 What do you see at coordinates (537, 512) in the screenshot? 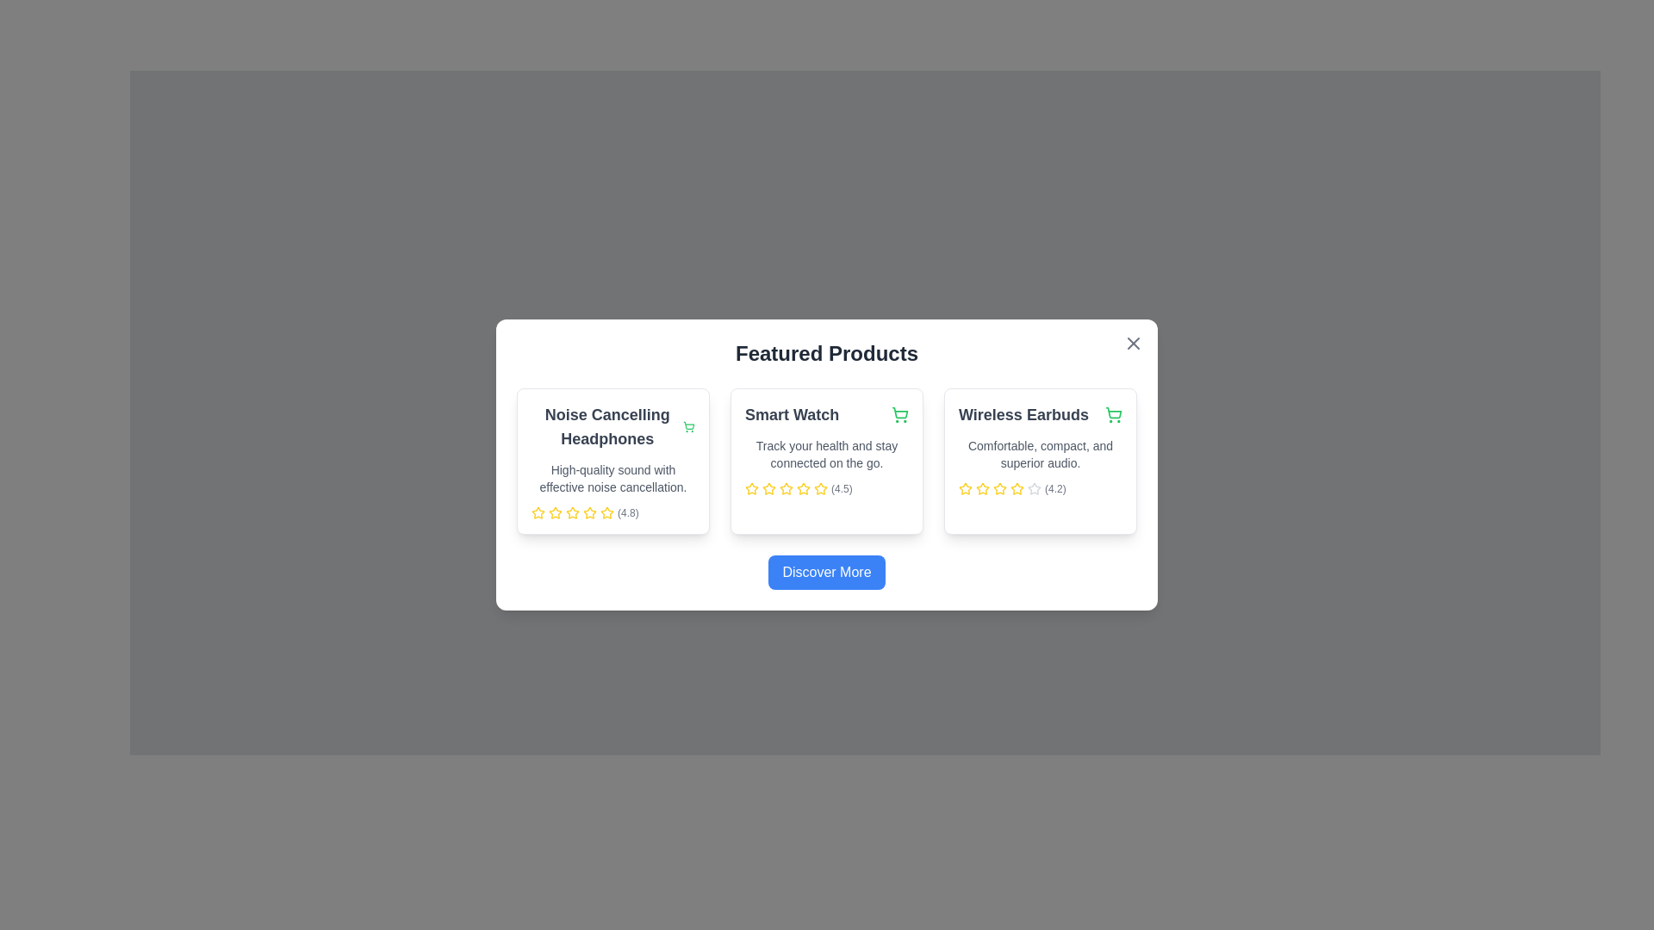
I see `the rating level represented by the first yellow star icon with a hollow center, located next to the '(4.8)' text in the 'Noise Cancelling Headphones' section on the left card` at bounding box center [537, 512].